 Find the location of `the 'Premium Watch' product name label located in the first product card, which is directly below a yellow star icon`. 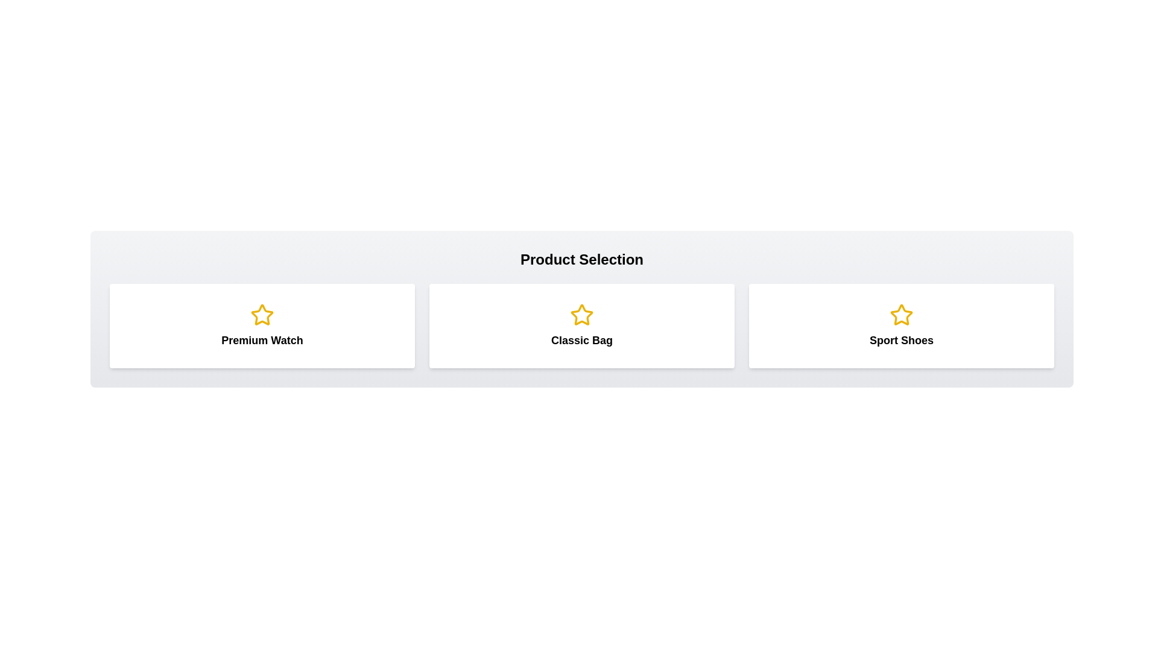

the 'Premium Watch' product name label located in the first product card, which is directly below a yellow star icon is located at coordinates (262, 340).